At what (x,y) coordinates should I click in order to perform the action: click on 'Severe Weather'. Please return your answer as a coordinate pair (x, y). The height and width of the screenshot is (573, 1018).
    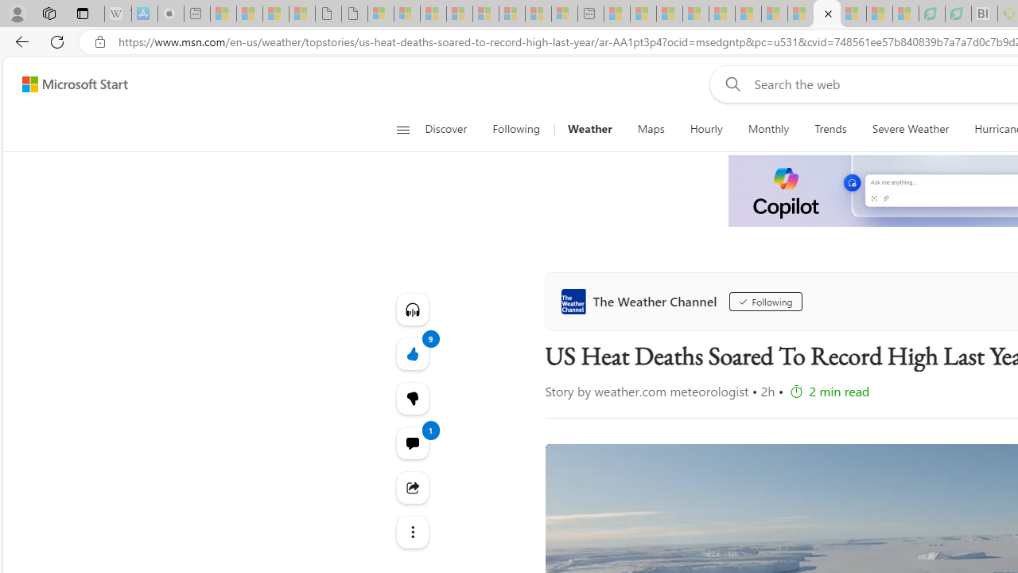
    Looking at the image, I should click on (910, 129).